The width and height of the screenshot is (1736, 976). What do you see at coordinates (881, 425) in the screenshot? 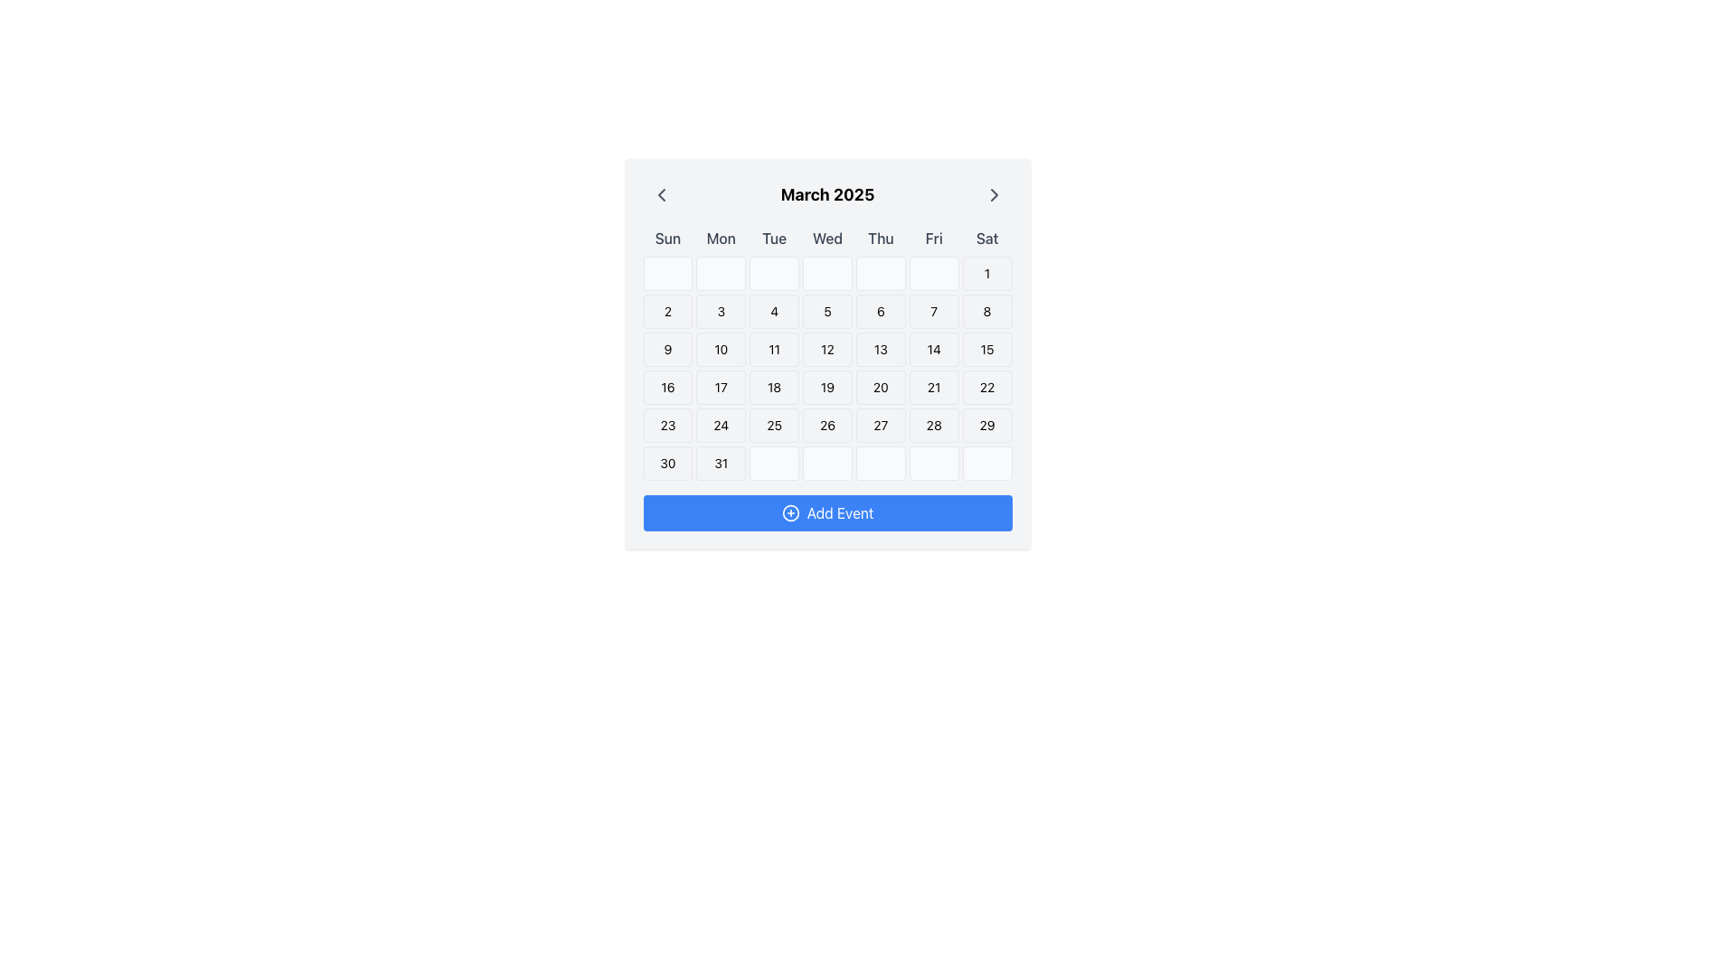
I see `the clickable calendar day entry for the date '27', which is displayed in a rectangular button-like box with a white background and rounded corners` at bounding box center [881, 425].